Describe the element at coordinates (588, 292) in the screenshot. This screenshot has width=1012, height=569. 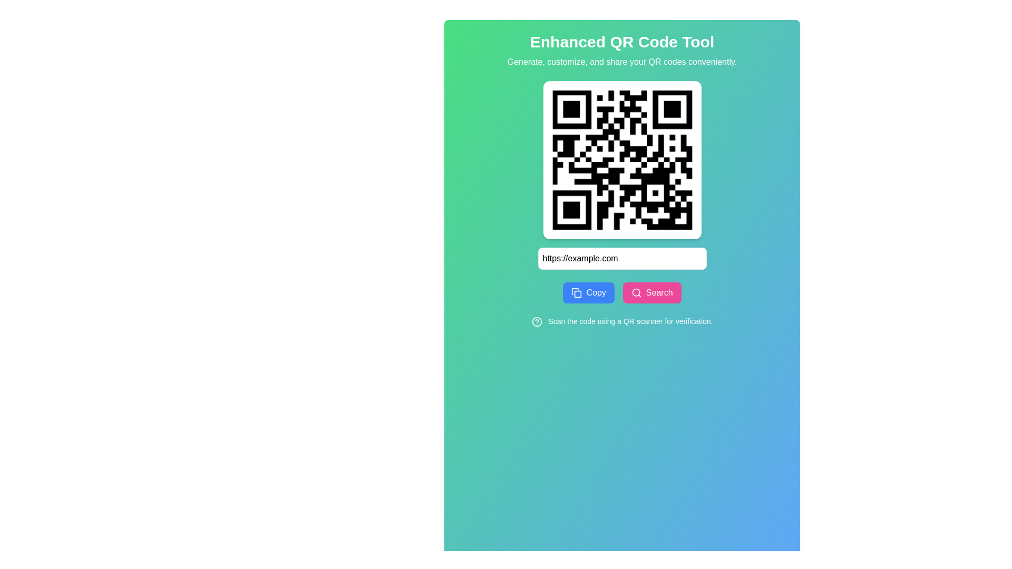
I see `the blue 'Copy' button with white text and a clipboard icon, located to the left of the 'Search' button in the 'CopySearch' section` at that location.